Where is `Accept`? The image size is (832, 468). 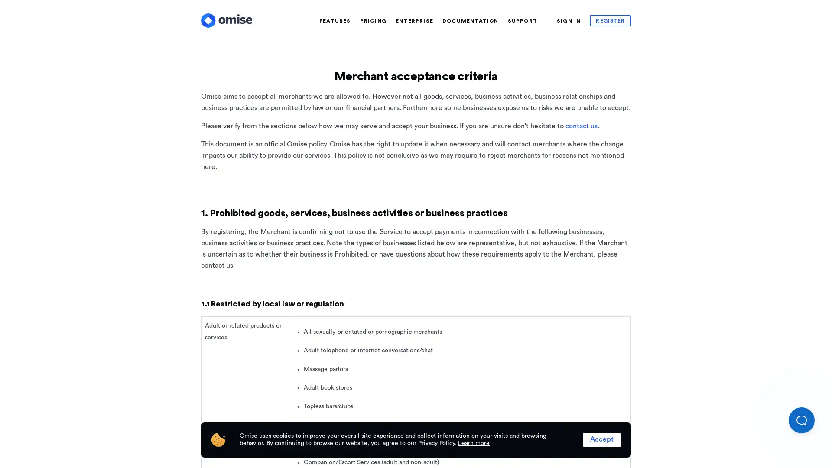
Accept is located at coordinates (601, 439).